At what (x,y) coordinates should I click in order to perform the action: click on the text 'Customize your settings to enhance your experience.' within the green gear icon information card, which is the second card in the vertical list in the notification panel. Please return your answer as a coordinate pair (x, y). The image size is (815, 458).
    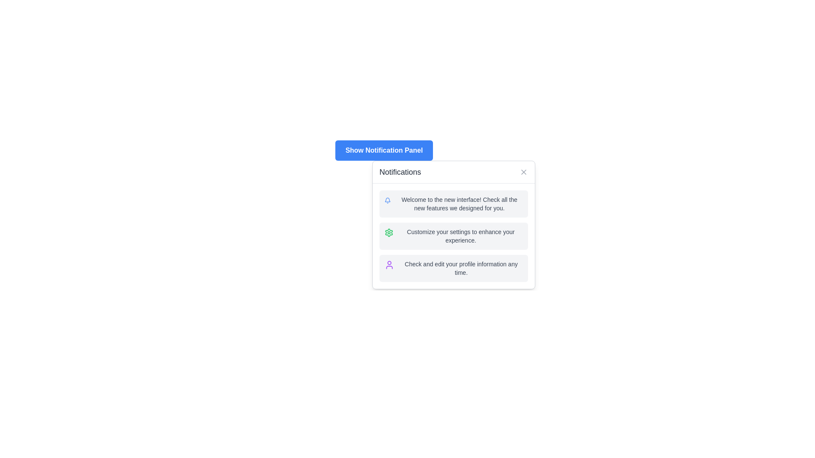
    Looking at the image, I should click on (453, 236).